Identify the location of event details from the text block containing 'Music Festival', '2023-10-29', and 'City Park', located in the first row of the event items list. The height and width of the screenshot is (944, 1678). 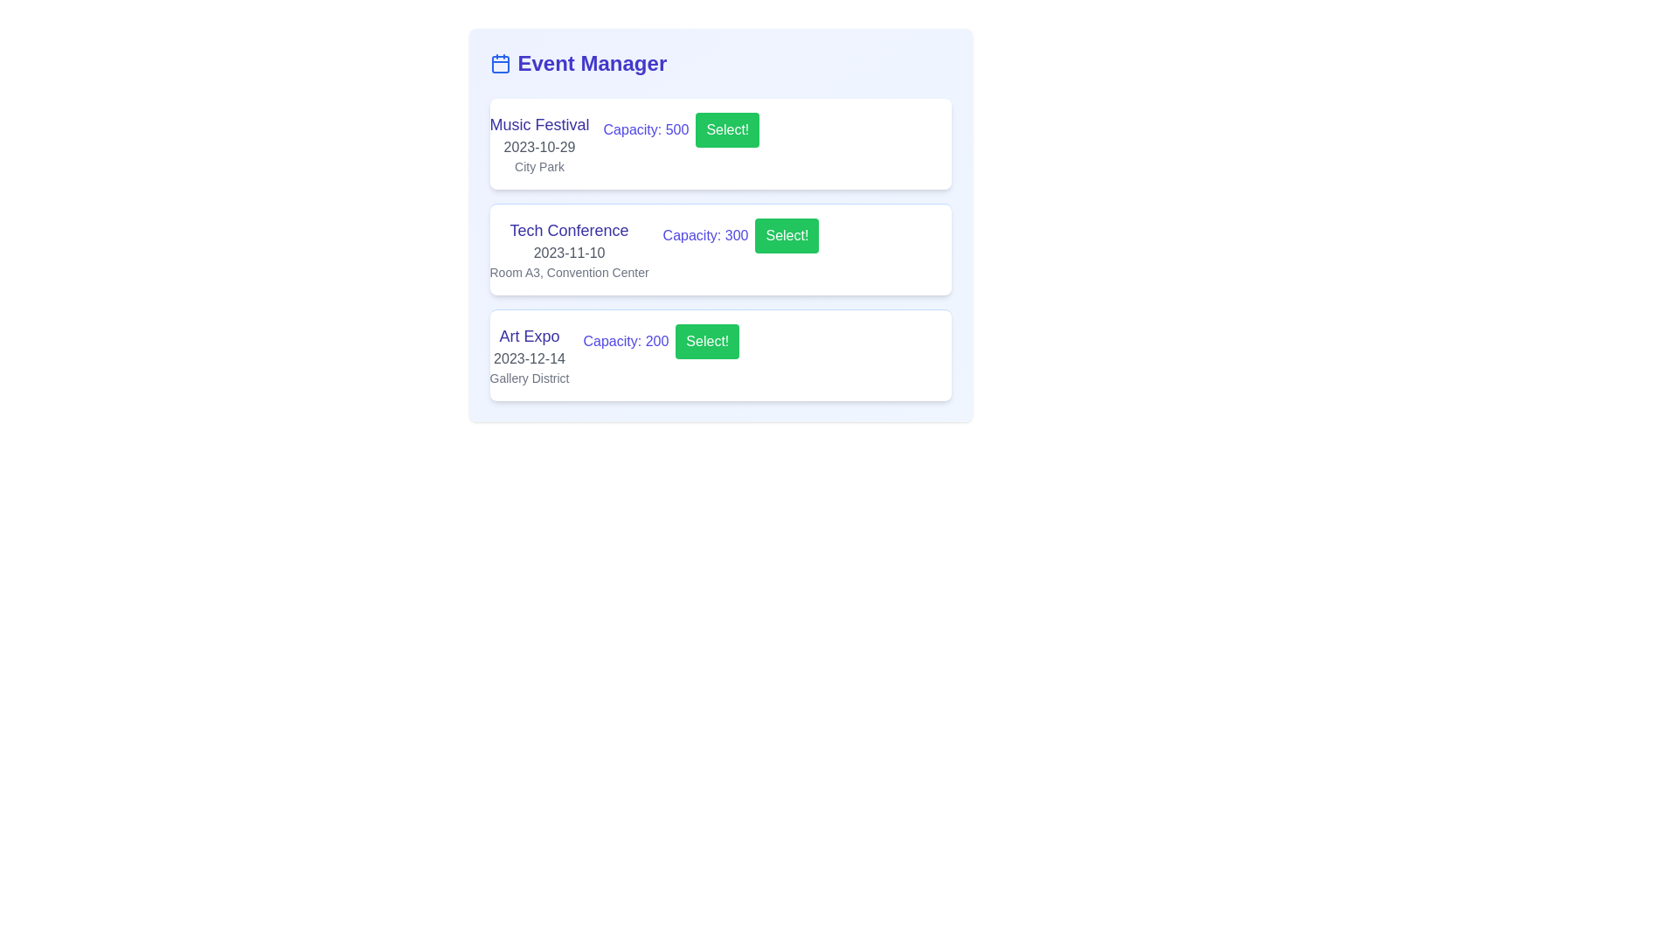
(538, 143).